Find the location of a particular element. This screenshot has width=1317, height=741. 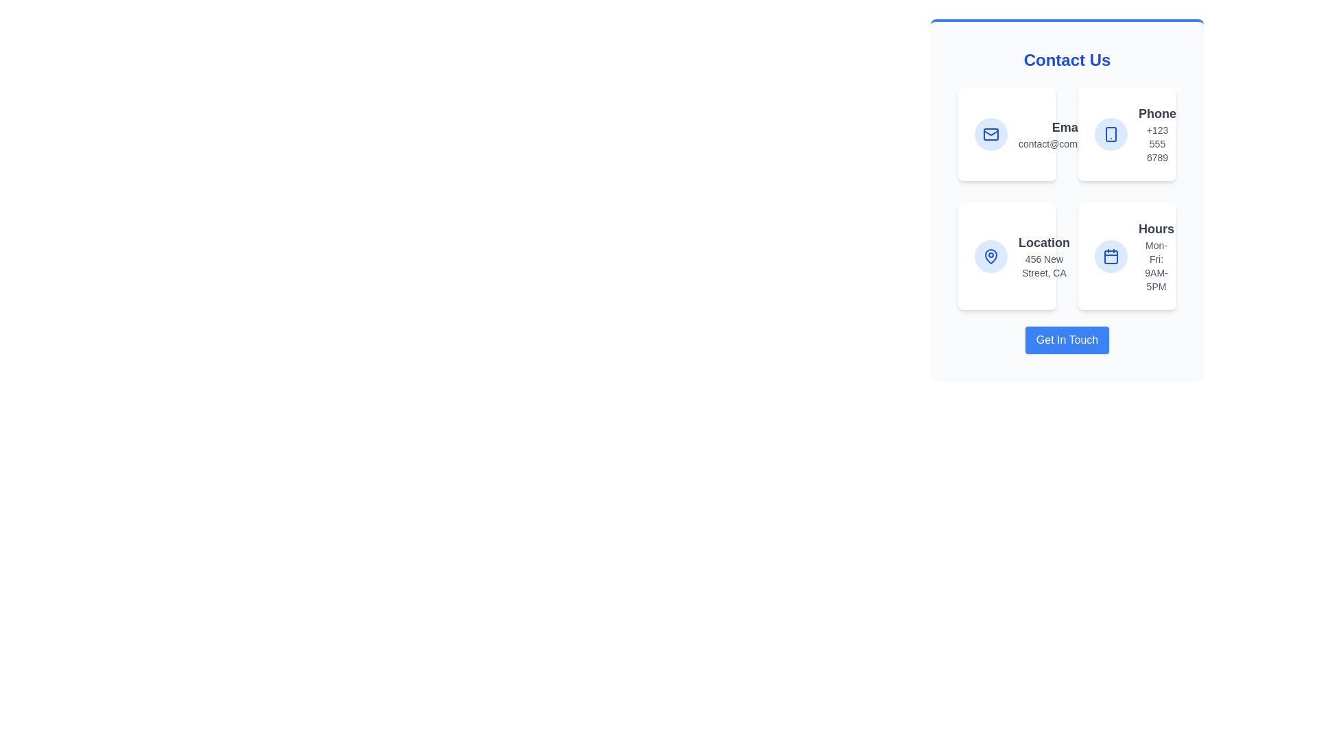

the static text element displaying the address '456 New Street, CA', located beneath the bold 'Location' label in the 'Contact Us' section is located at coordinates (1043, 266).